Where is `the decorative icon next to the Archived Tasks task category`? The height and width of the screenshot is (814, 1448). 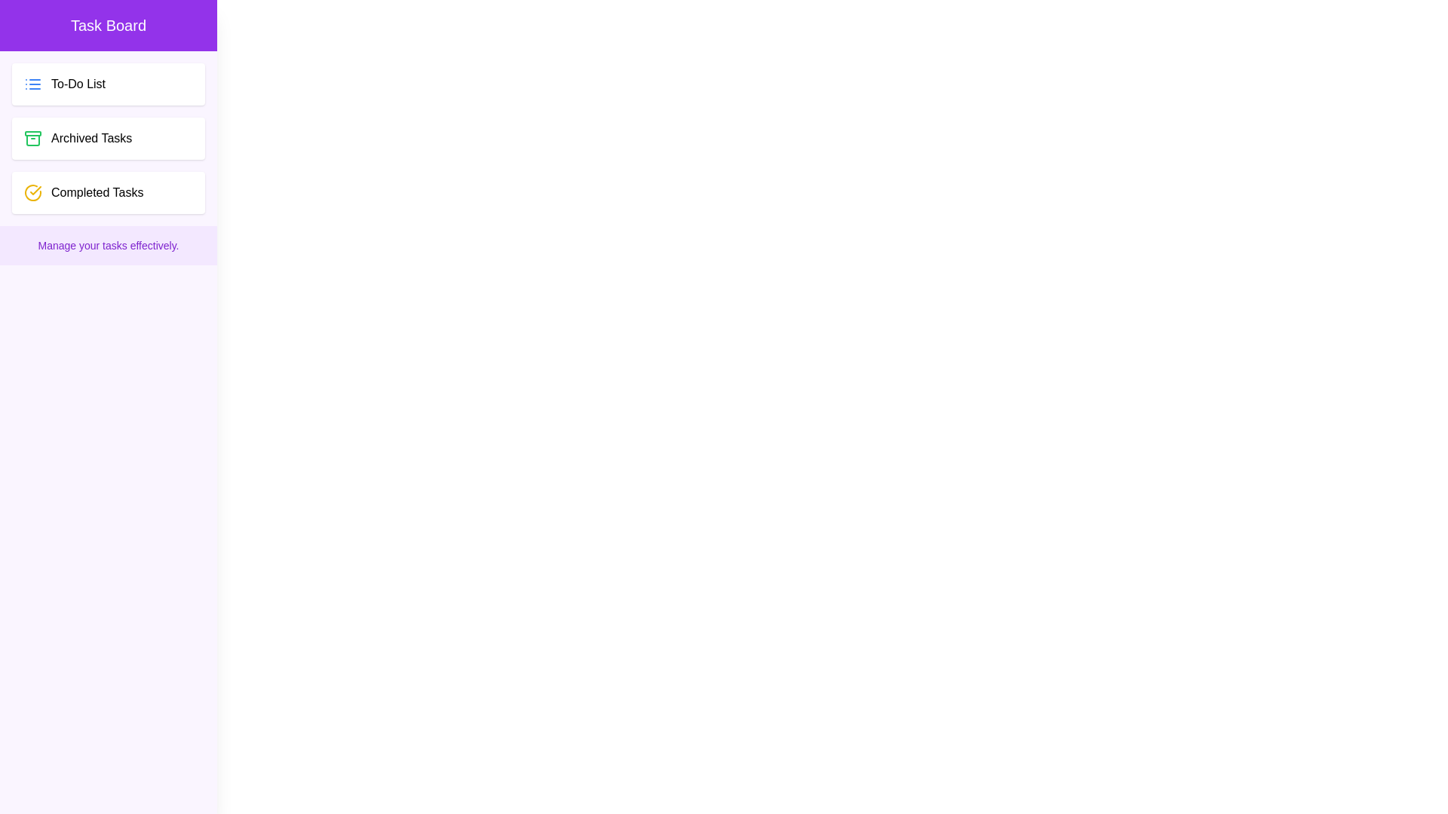 the decorative icon next to the Archived Tasks task category is located at coordinates (32, 139).